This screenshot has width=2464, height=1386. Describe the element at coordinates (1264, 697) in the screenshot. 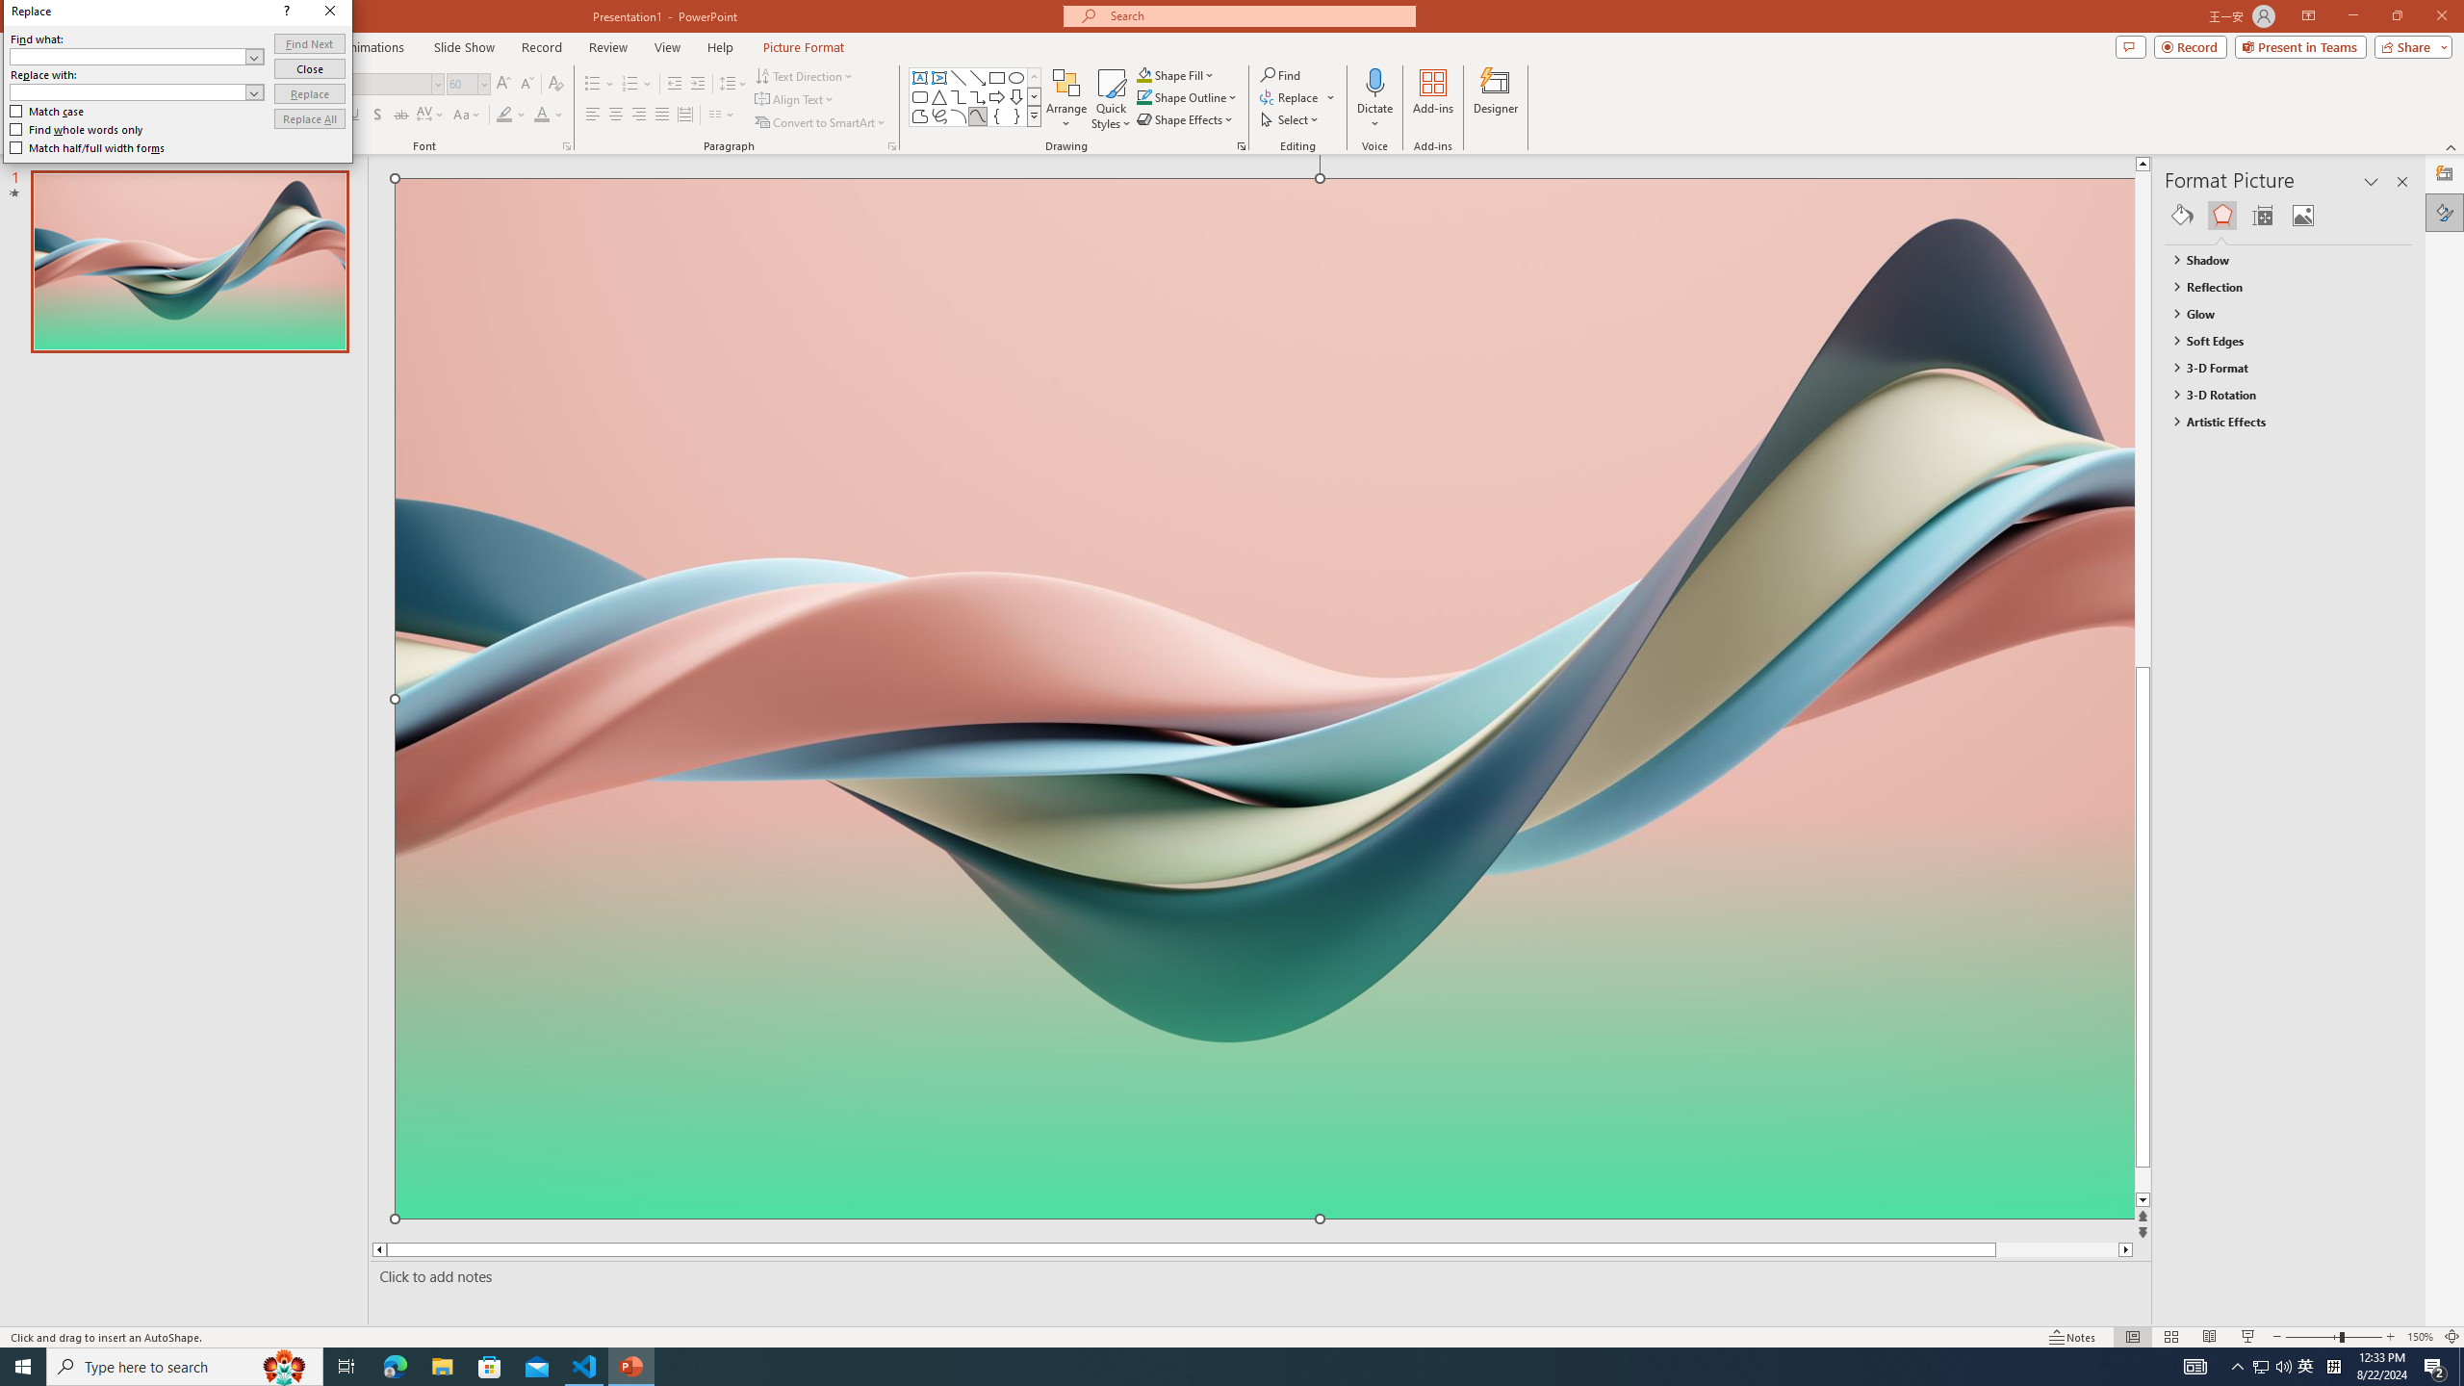

I see `'Wavy 3D art'` at that location.